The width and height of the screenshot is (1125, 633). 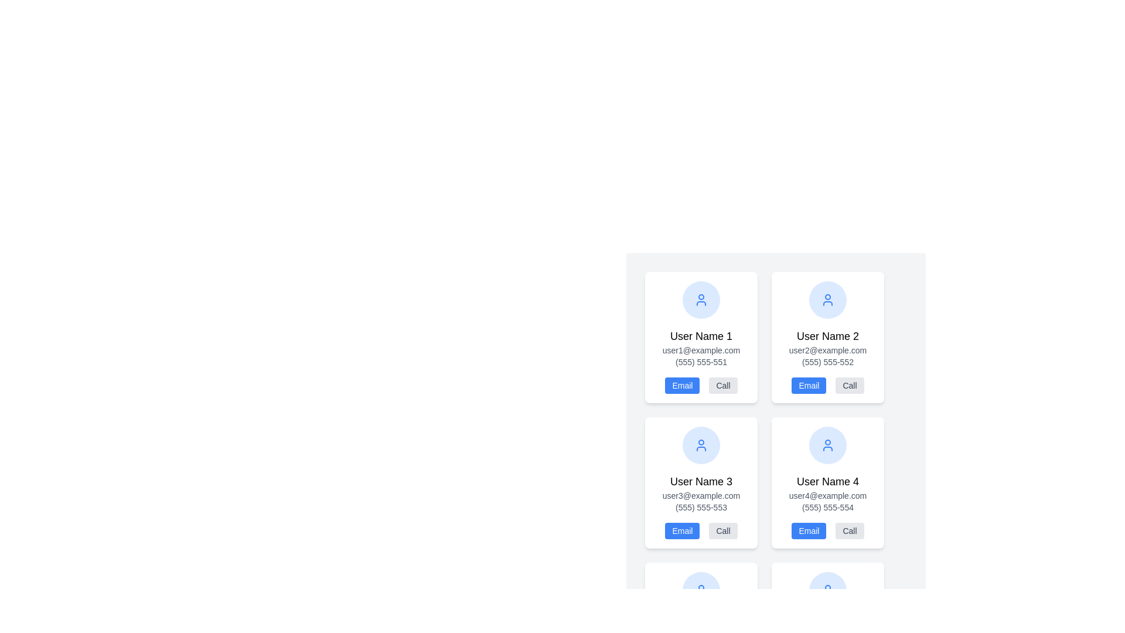 I want to click on the decorative user identification icon located in the top-left card of the grid layout, so click(x=701, y=445).